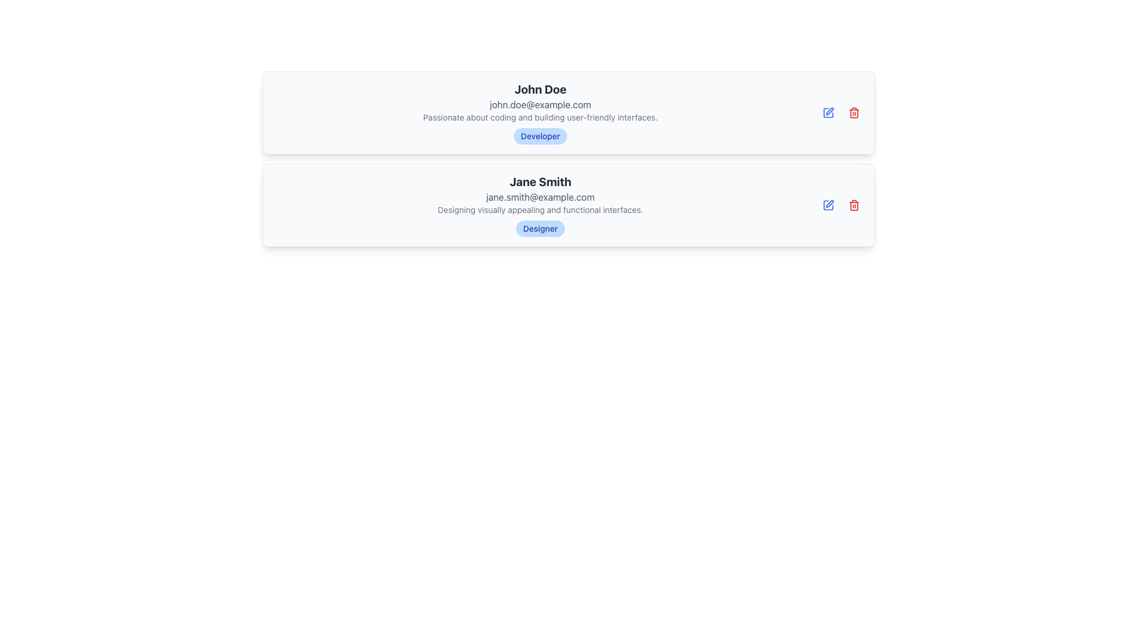 This screenshot has height=632, width=1125. I want to click on the profile card displaying user details, which is the second card in a vertical list beneath 'John Doe', so click(540, 205).